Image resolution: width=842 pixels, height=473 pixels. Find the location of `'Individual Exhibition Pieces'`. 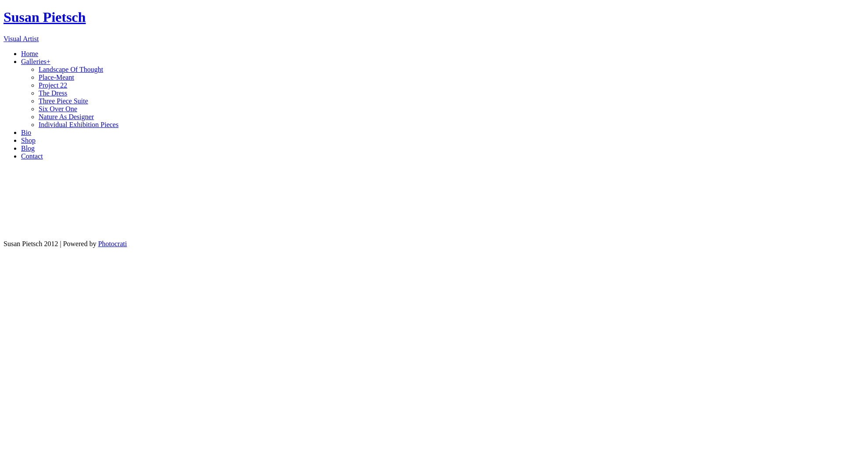

'Individual Exhibition Pieces' is located at coordinates (78, 124).